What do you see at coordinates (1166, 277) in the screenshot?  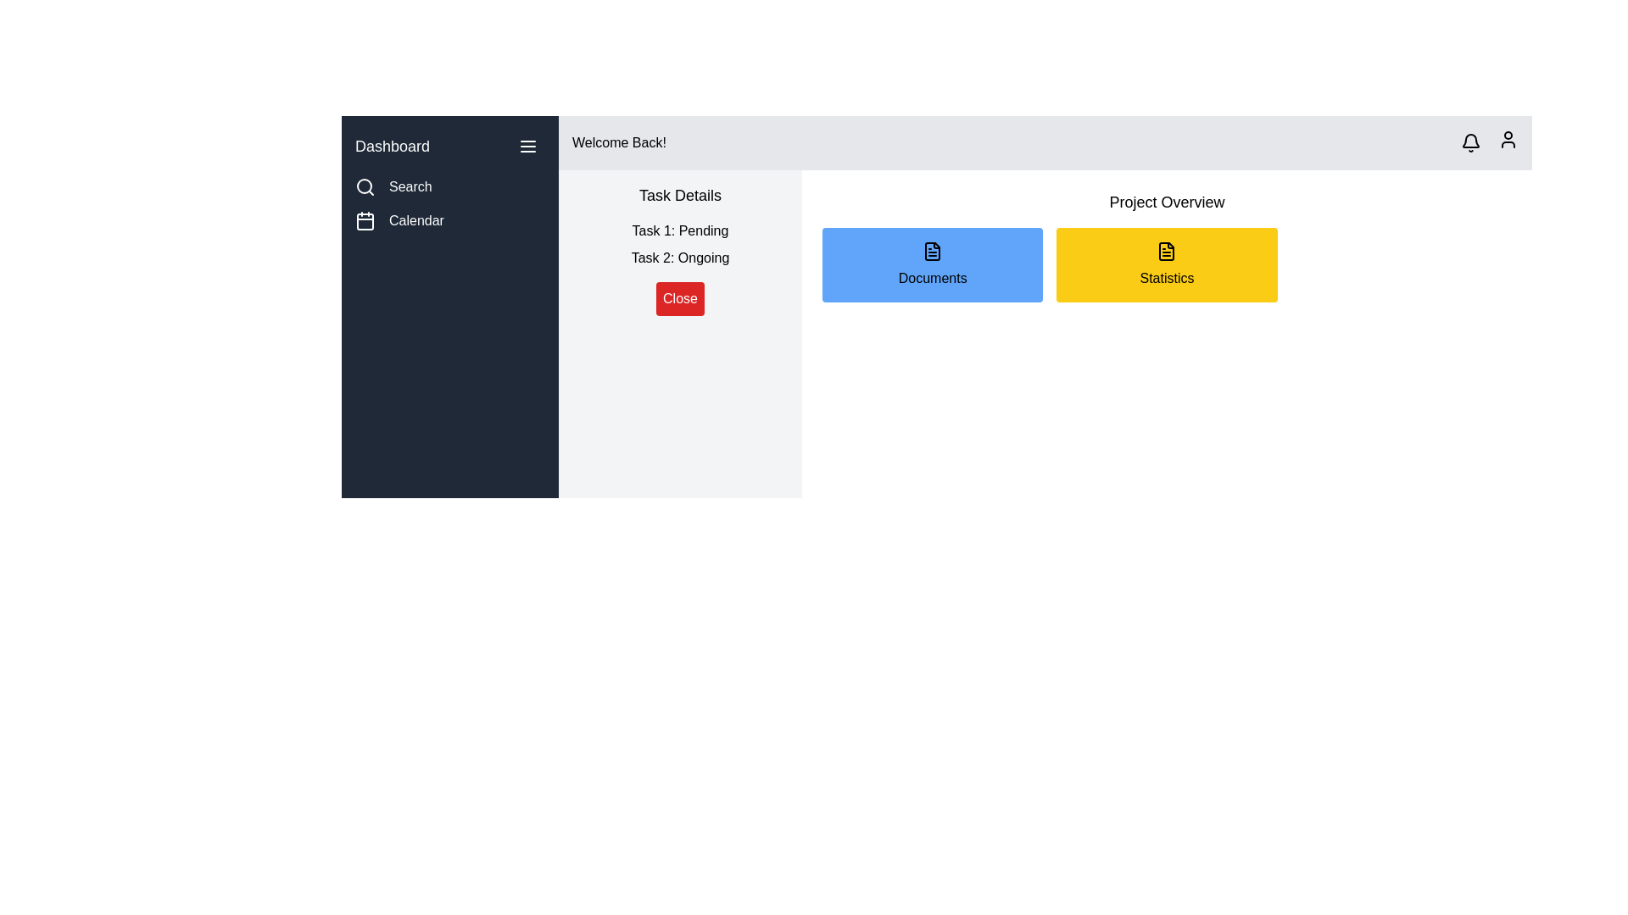 I see `the Text Label located in the center of the yellow background box under the 'Project Overview' section, which informs users about related statistics` at bounding box center [1166, 277].